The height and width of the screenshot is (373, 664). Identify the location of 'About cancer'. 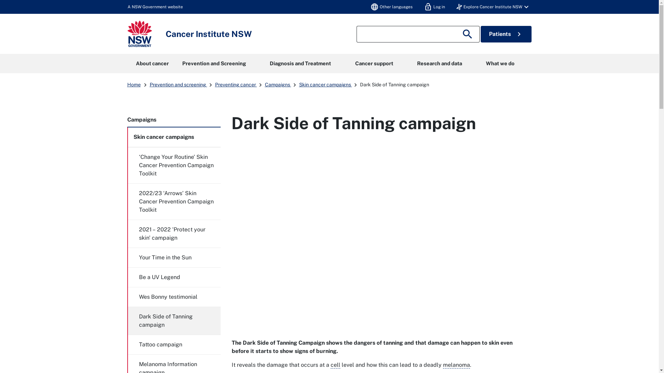
(152, 64).